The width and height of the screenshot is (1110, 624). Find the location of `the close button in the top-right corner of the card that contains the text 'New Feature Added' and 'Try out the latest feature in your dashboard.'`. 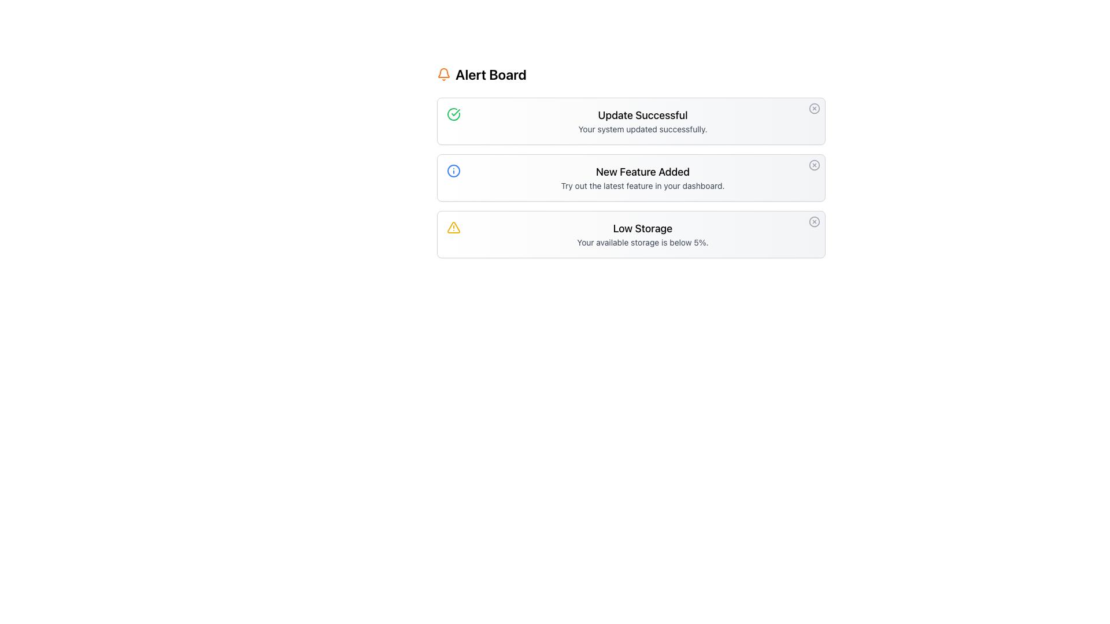

the close button in the top-right corner of the card that contains the text 'New Feature Added' and 'Try out the latest feature in your dashboard.' is located at coordinates (814, 165).